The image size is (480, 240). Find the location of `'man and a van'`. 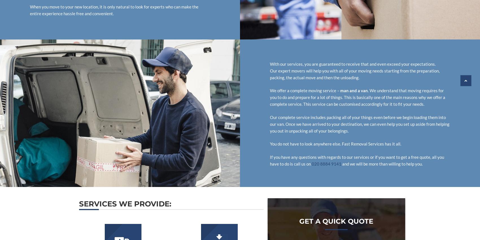

'man and a van' is located at coordinates (354, 90).